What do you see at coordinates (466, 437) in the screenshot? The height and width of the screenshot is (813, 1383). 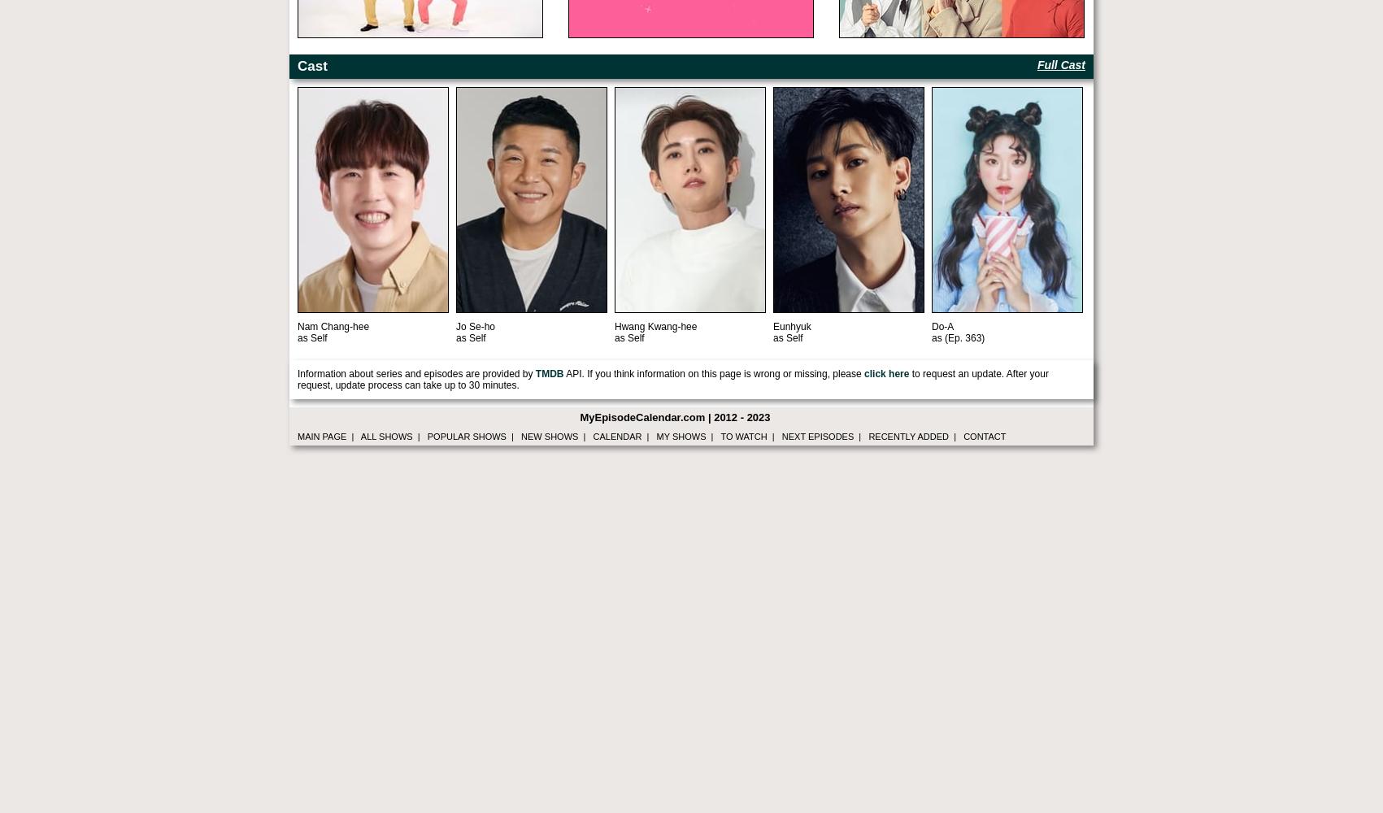 I see `'POPULAR SHOWS'` at bounding box center [466, 437].